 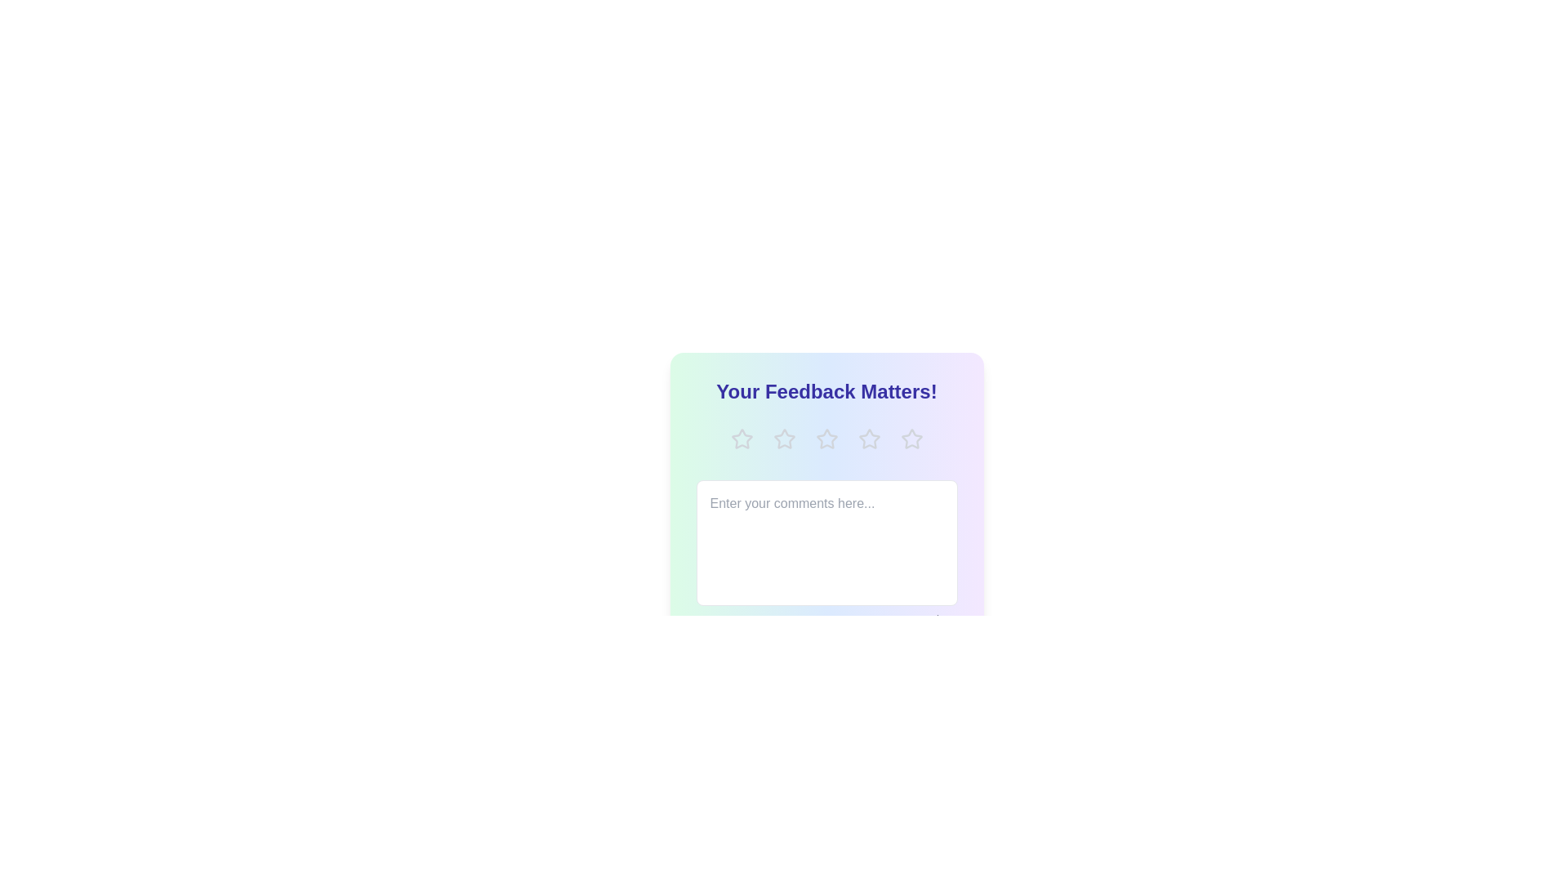 I want to click on the rating to 5 stars by clicking on the corresponding star, so click(x=911, y=438).